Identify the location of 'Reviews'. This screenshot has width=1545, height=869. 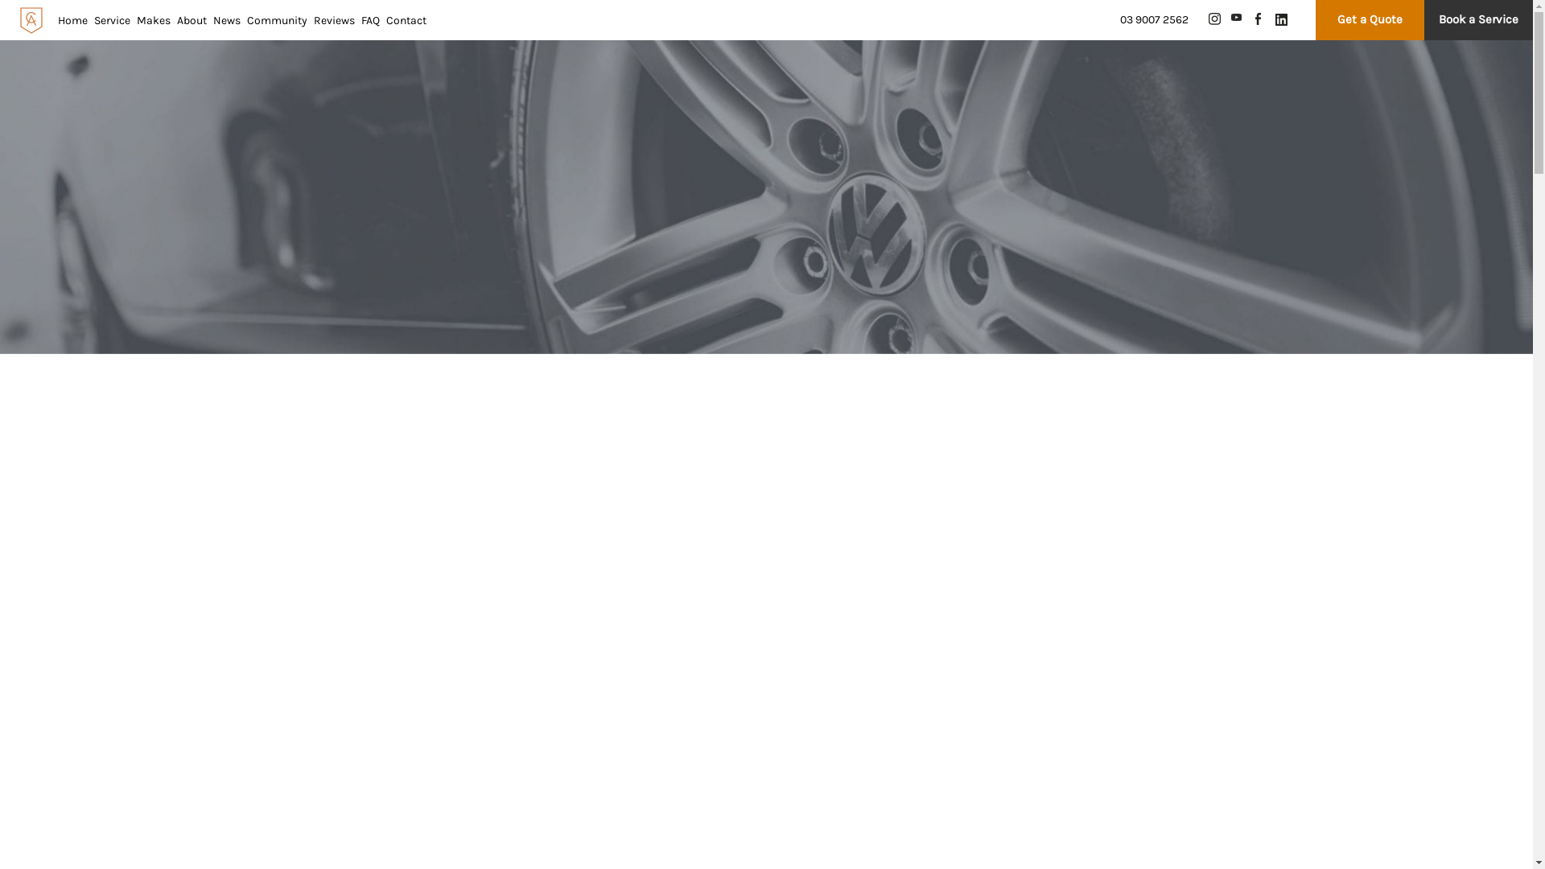
(333, 20).